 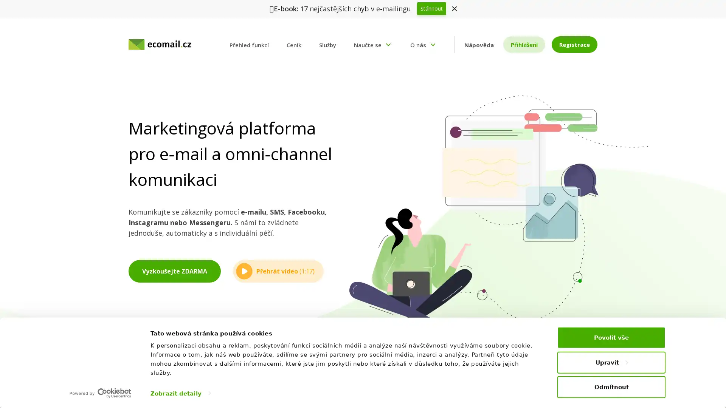 What do you see at coordinates (611, 386) in the screenshot?
I see `Odmitnout` at bounding box center [611, 386].